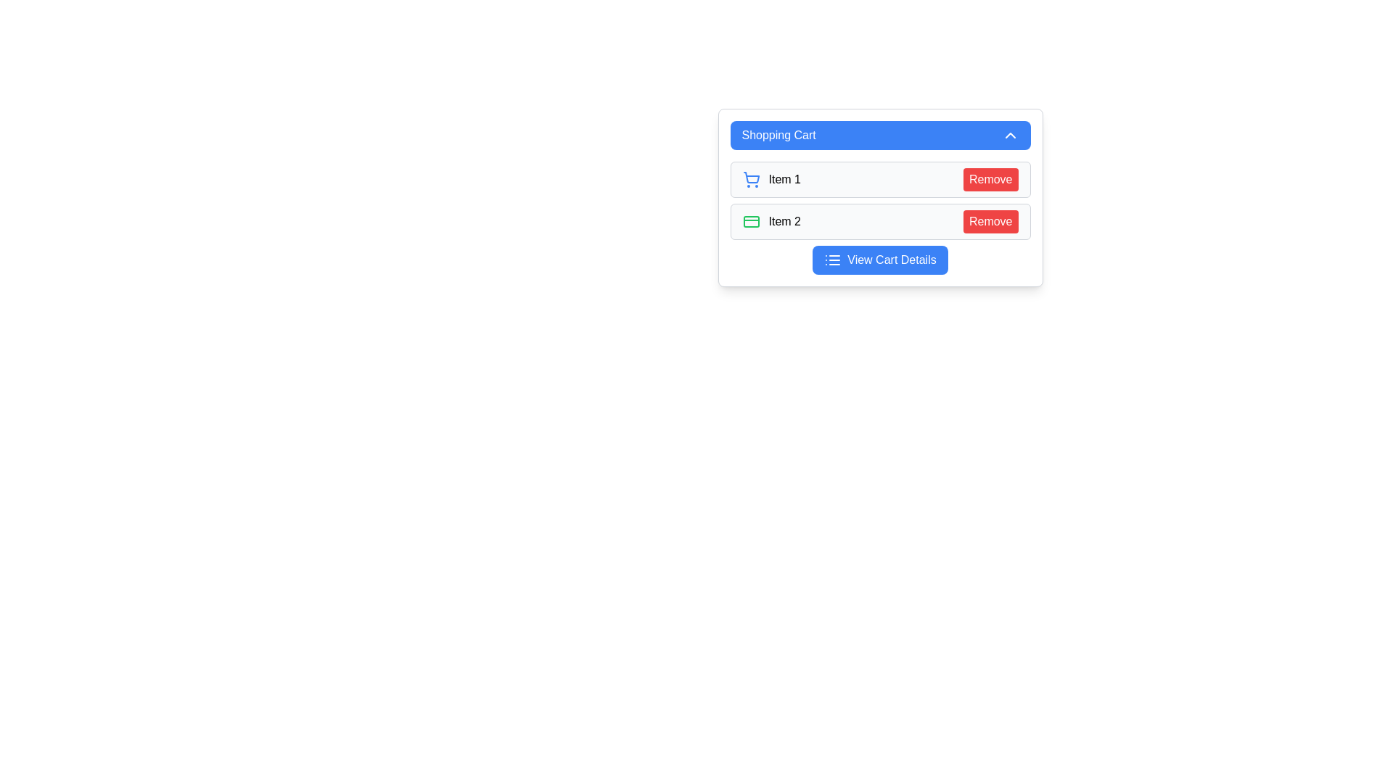 This screenshot has width=1393, height=783. What do you see at coordinates (784, 221) in the screenshot?
I see `the text label that displays the name or description of the second item in the shopping cart, located to the right of a green credit card icon and before a red 'Remove' button` at bounding box center [784, 221].